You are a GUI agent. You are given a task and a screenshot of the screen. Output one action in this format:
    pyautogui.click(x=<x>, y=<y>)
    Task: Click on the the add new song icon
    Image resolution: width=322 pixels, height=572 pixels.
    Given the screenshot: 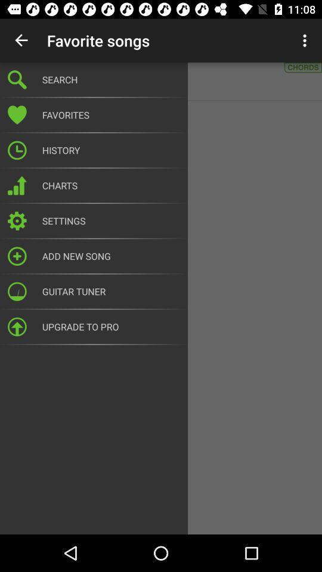 What is the action you would take?
    pyautogui.click(x=111, y=256)
    